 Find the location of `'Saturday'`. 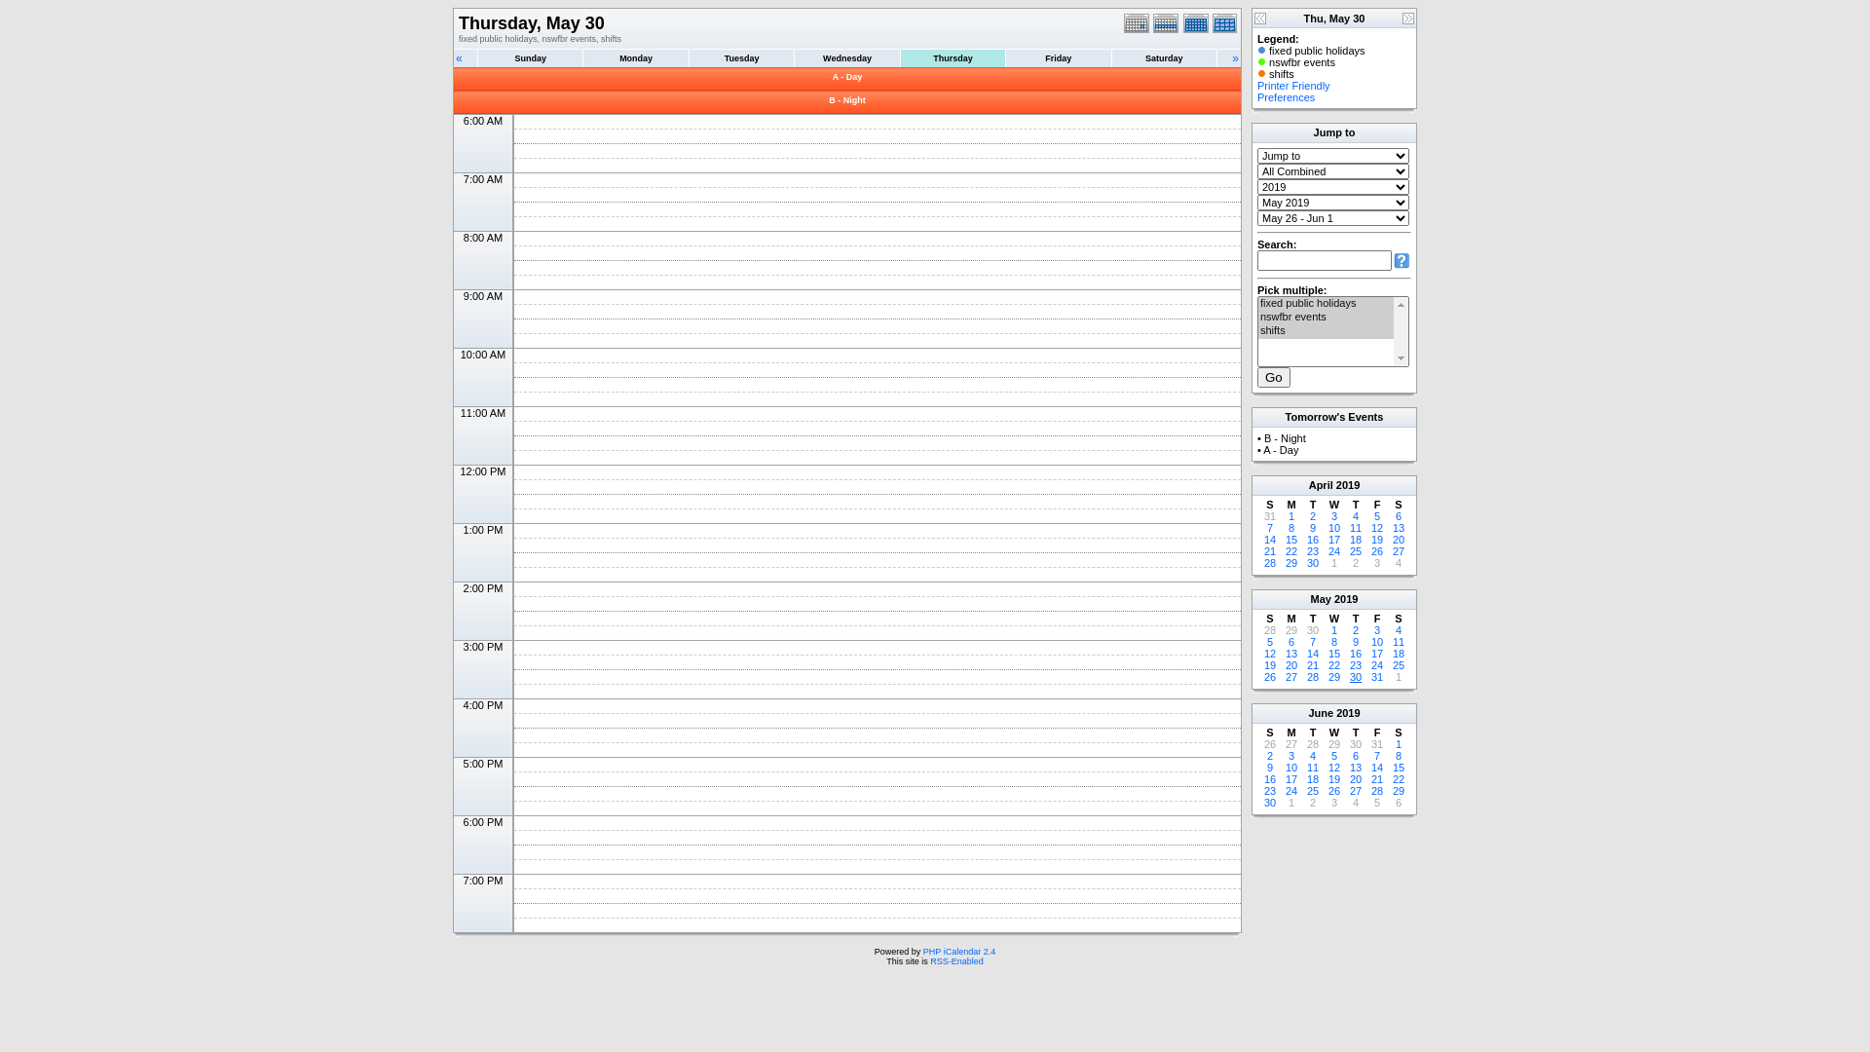

'Saturday' is located at coordinates (1164, 56).